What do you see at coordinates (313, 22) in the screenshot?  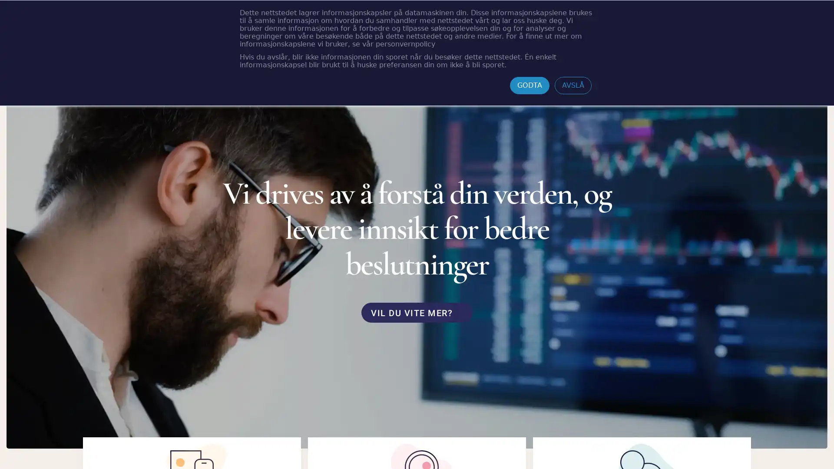 I see `TJENESTER` at bounding box center [313, 22].